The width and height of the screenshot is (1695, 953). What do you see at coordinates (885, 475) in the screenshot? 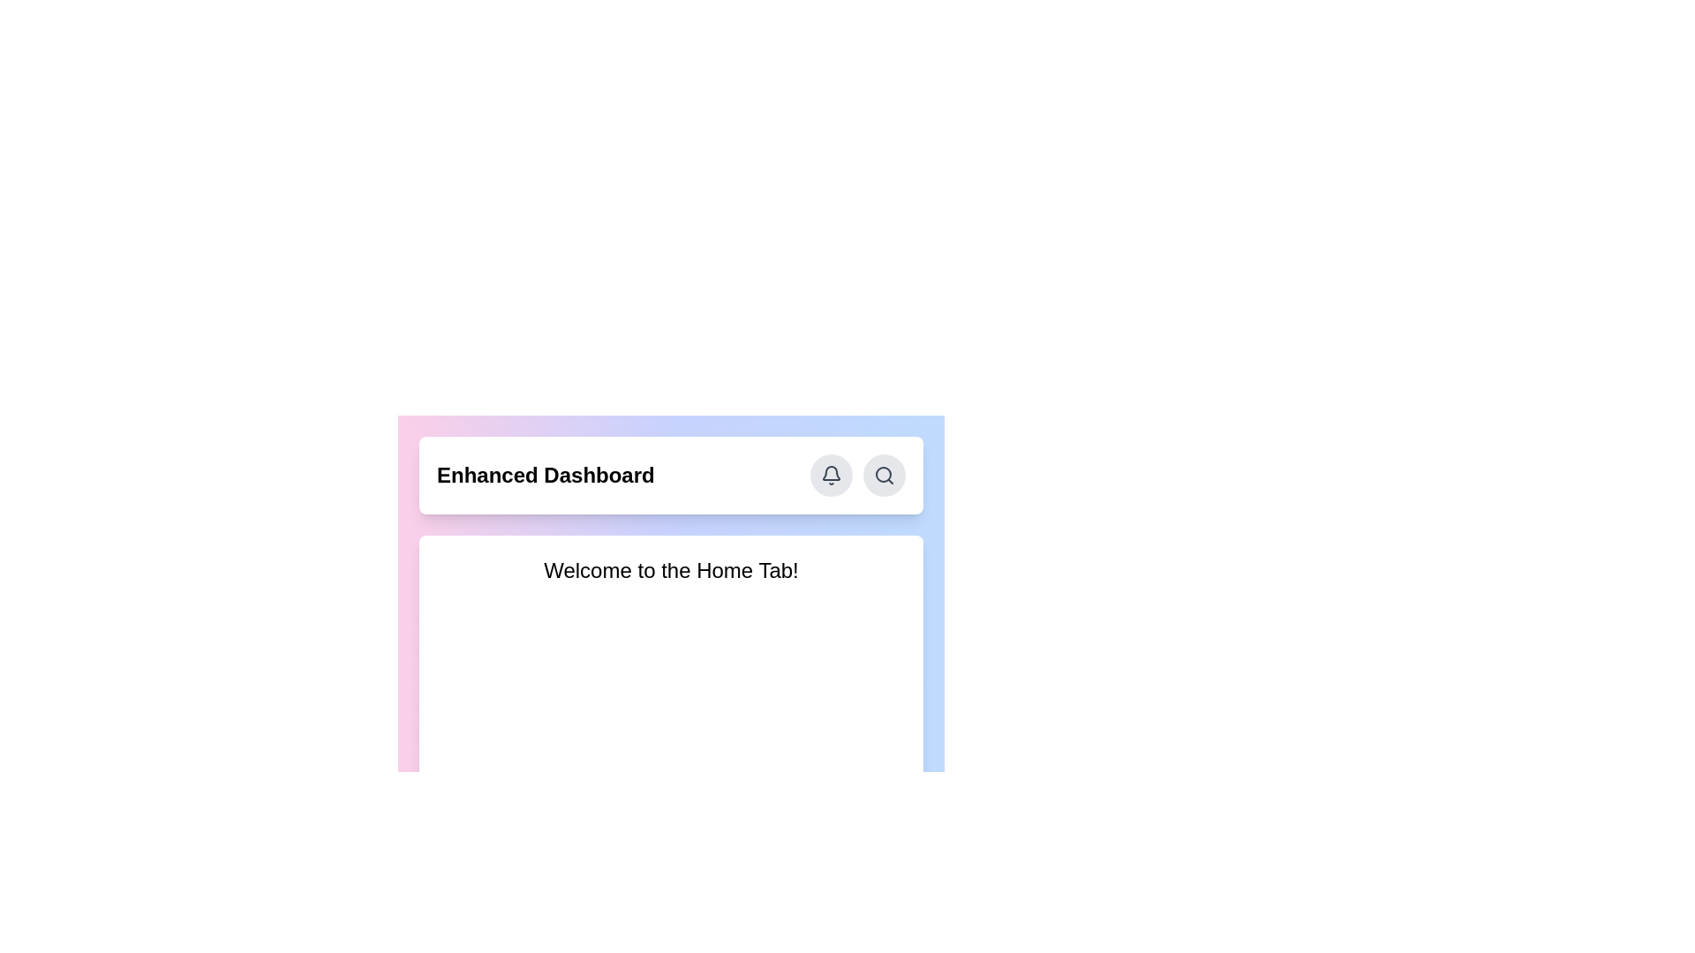
I see `the search icon located at the top-right corner of the dashboard interface, adjacent to the notification bell icon` at bounding box center [885, 475].